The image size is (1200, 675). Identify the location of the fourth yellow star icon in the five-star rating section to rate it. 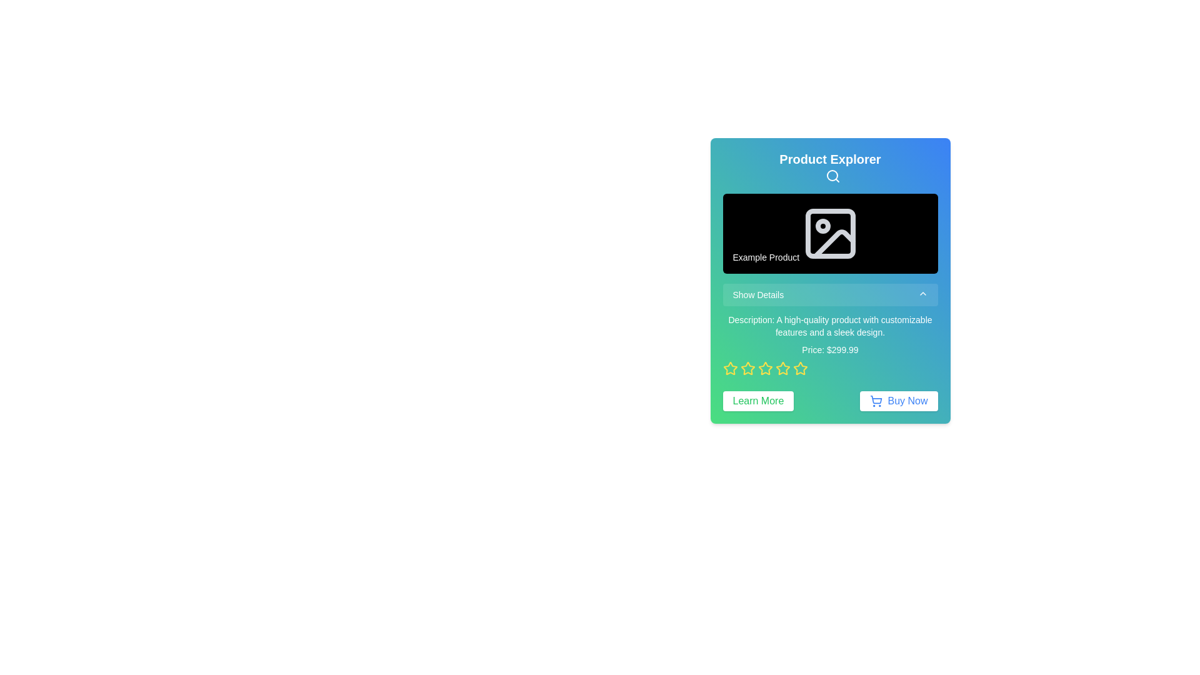
(800, 367).